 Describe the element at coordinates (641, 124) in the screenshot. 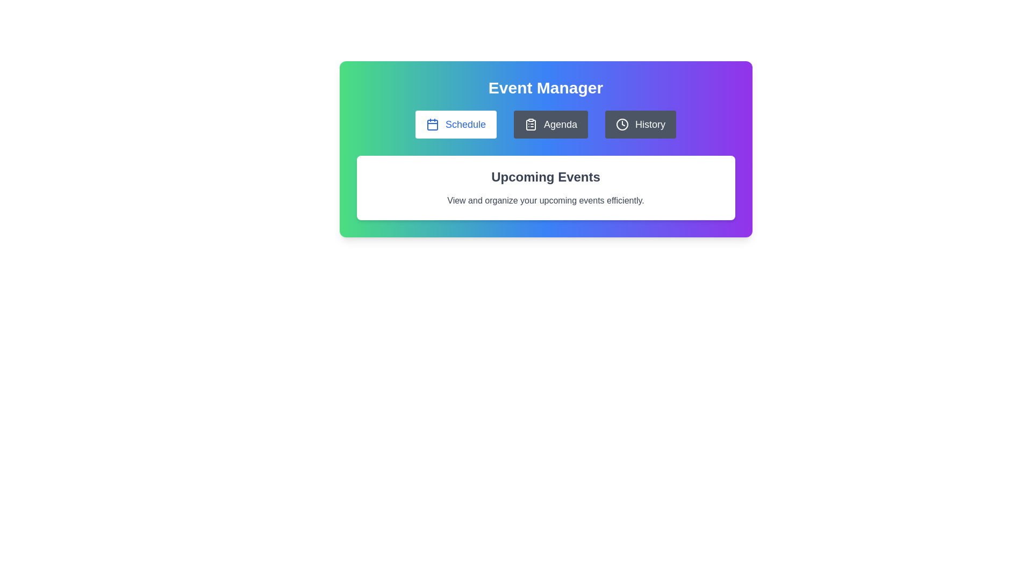

I see `the 'History' button, which is the third button in the navigation bar featuring a clock icon and white text on a dark gray background, to change its visual state` at that location.